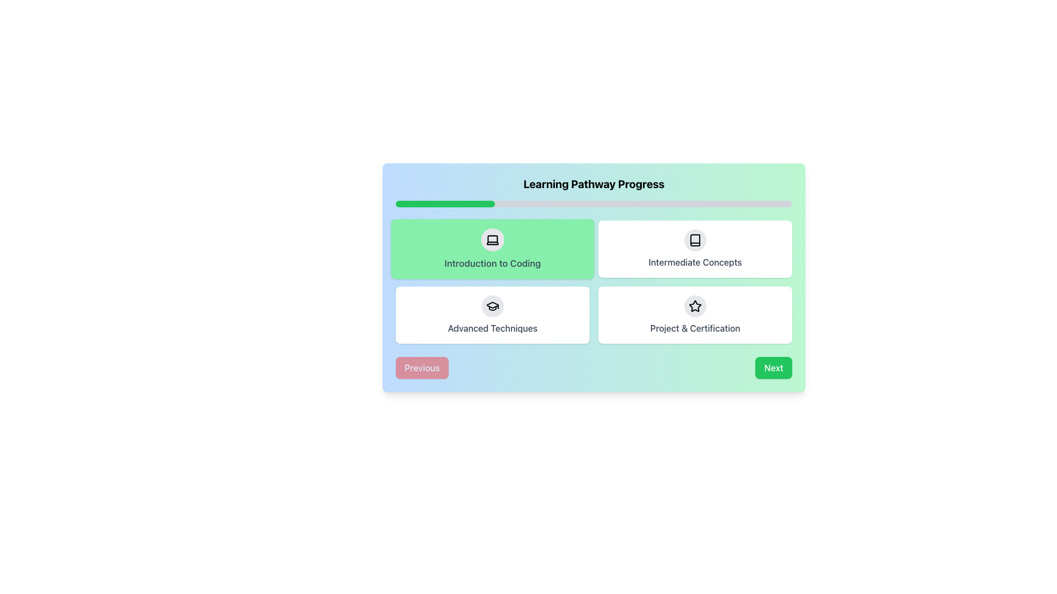 The image size is (1057, 594). I want to click on the star-shaped icon located within the 'Project & Certification' tile in the upper-right quadrant of the user interface, so click(694, 305).